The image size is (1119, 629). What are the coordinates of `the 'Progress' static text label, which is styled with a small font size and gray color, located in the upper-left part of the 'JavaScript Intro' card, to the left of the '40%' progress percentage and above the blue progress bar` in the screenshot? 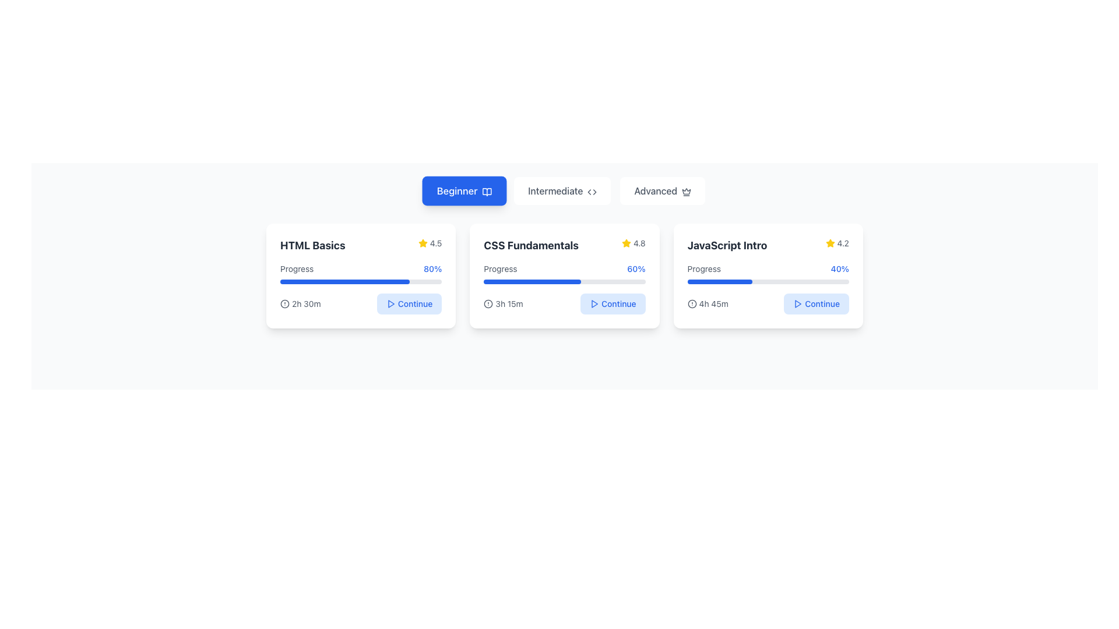 It's located at (703, 269).